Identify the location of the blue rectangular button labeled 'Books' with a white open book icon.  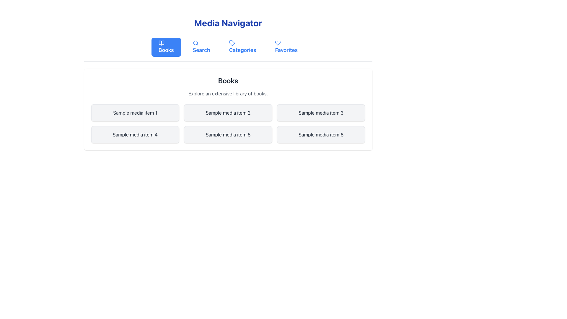
(166, 47).